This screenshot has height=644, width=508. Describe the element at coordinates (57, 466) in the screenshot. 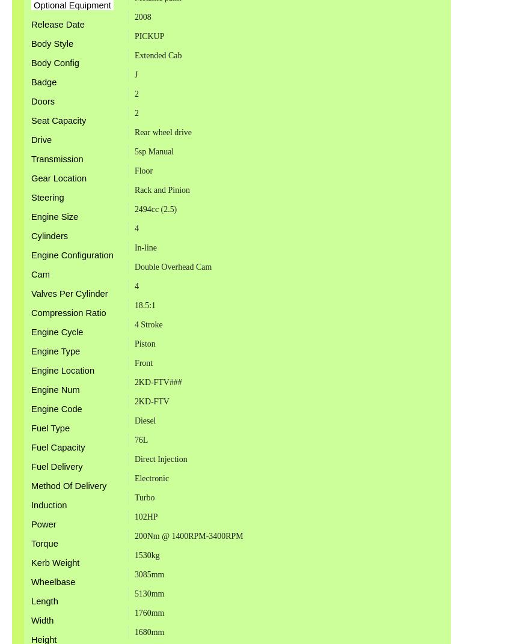

I see `'Fuel Delivery'` at that location.